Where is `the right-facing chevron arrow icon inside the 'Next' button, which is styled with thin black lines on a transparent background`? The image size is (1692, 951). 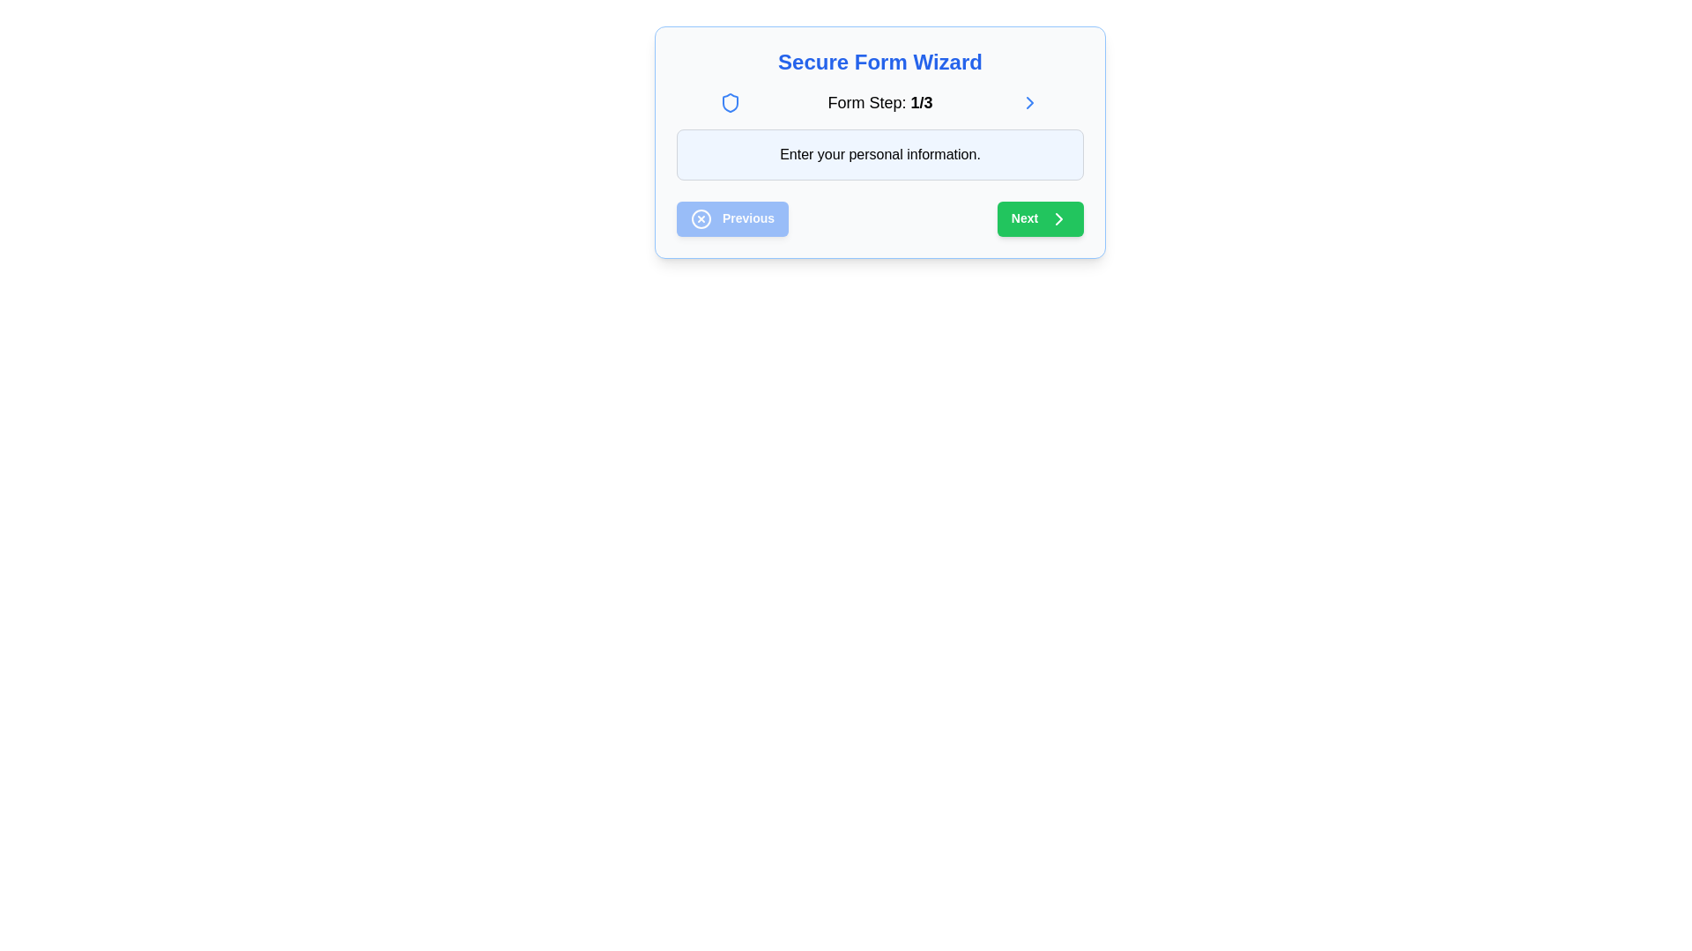 the right-facing chevron arrow icon inside the 'Next' button, which is styled with thin black lines on a transparent background is located at coordinates (1057, 218).